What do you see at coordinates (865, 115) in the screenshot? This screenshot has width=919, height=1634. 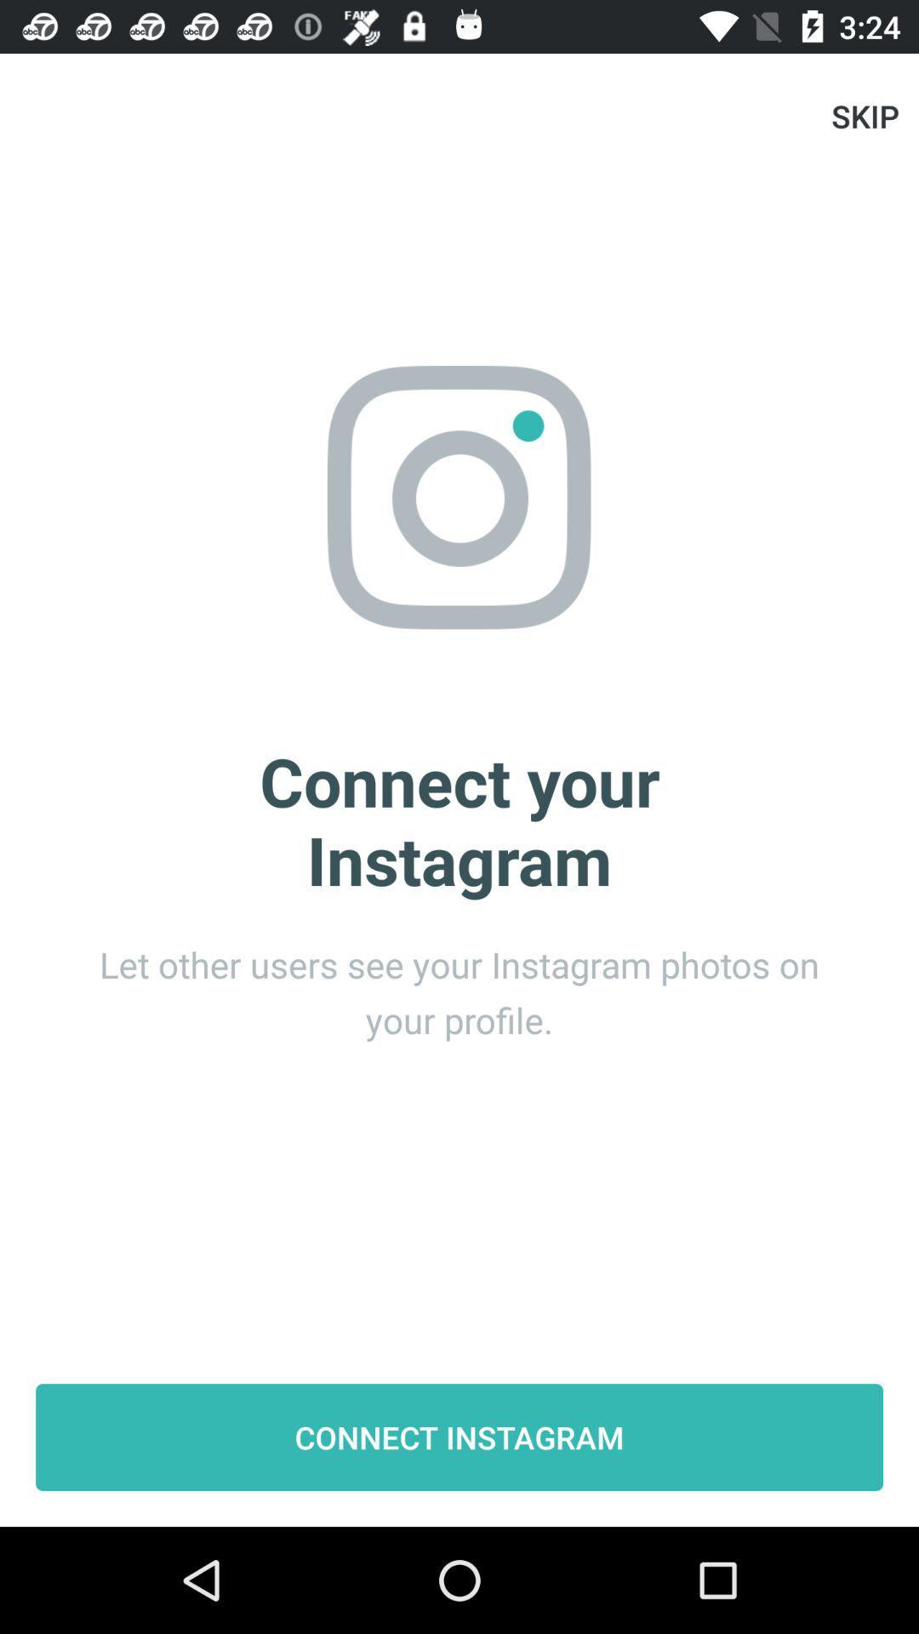 I see `the skip icon` at bounding box center [865, 115].